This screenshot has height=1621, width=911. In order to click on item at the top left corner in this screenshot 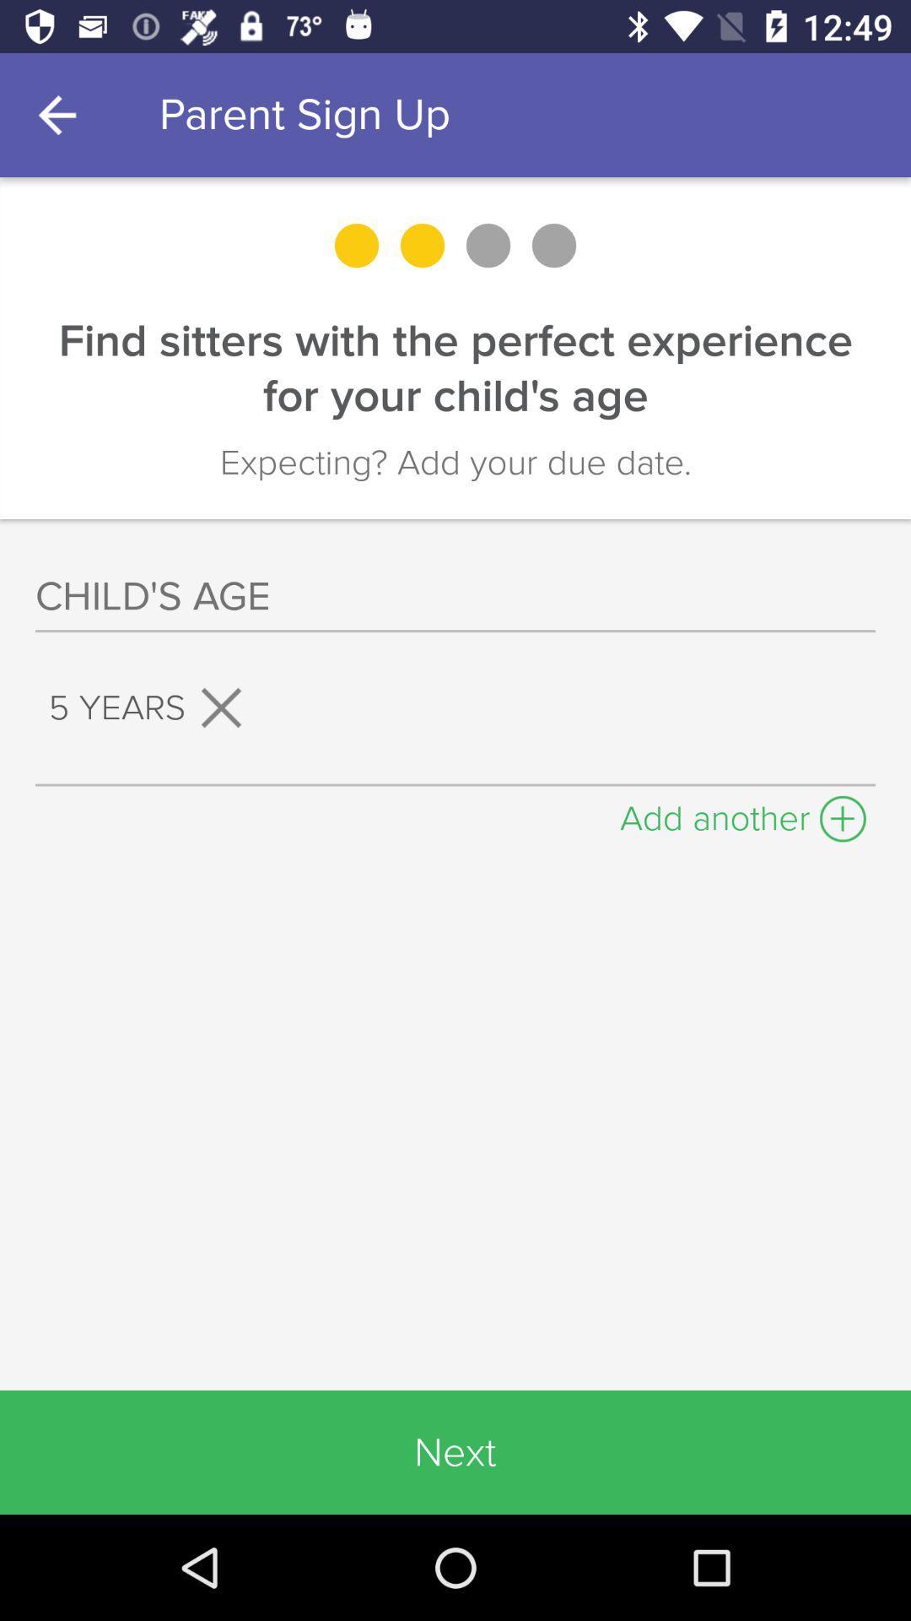, I will do `click(61, 114)`.